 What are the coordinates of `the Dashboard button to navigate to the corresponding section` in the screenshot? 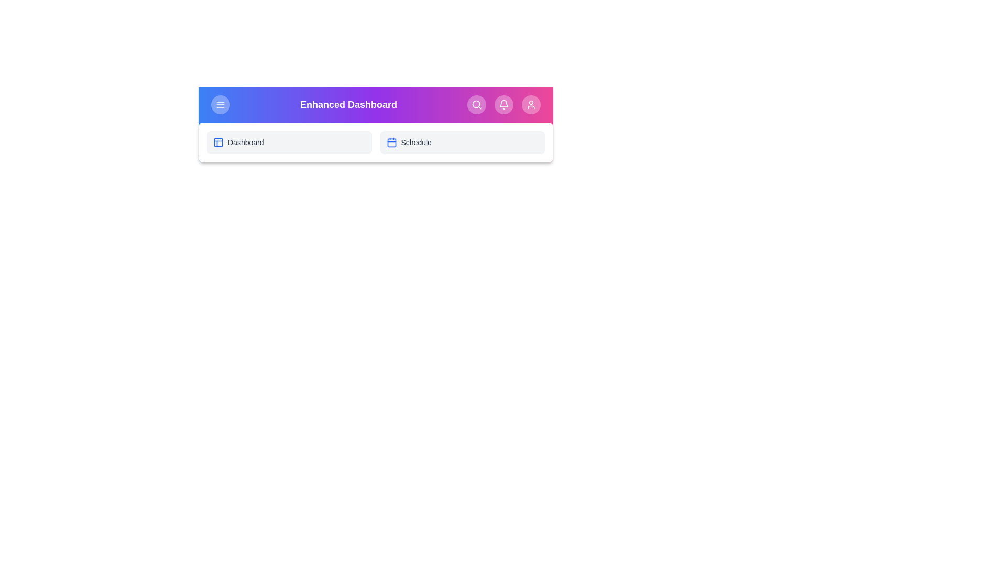 It's located at (289, 143).